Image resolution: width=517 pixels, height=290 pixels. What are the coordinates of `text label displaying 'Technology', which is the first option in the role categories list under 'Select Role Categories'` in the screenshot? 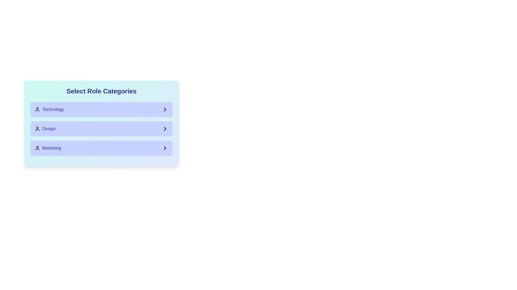 It's located at (53, 109).